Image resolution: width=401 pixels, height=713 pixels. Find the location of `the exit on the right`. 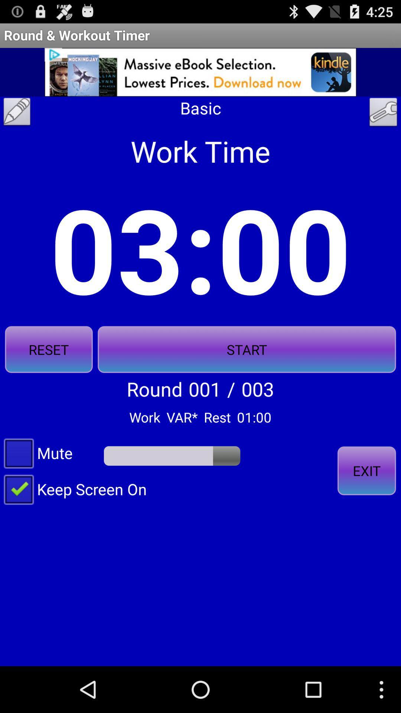

the exit on the right is located at coordinates (366, 470).